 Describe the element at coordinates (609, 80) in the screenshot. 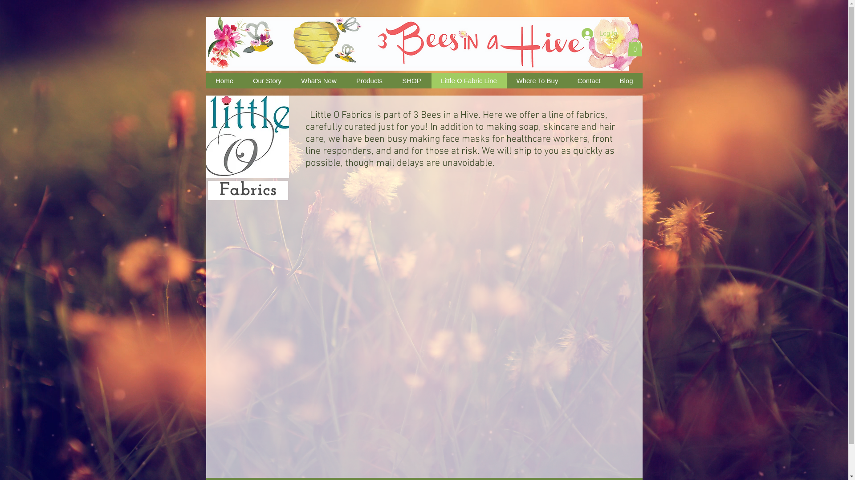

I see `'Blog'` at that location.